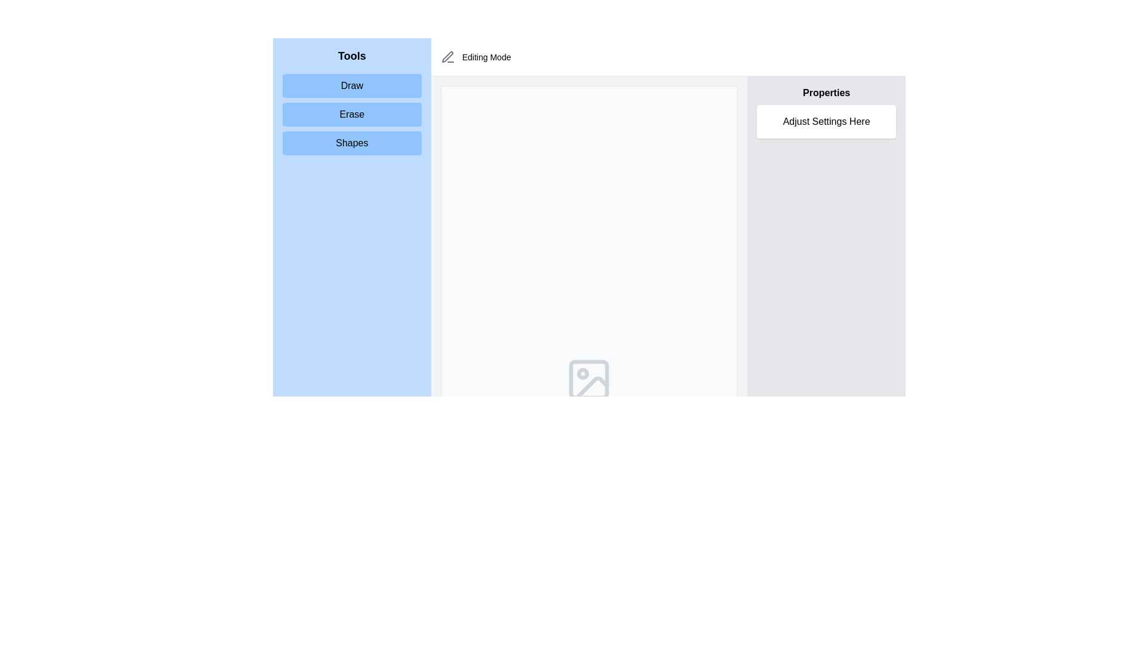  Describe the element at coordinates (351, 115) in the screenshot. I see `the 'Erase' button, which is a rectangular button with a blue background and rounded corners, located as the second button in a vertical list under the 'Tools' heading` at that location.